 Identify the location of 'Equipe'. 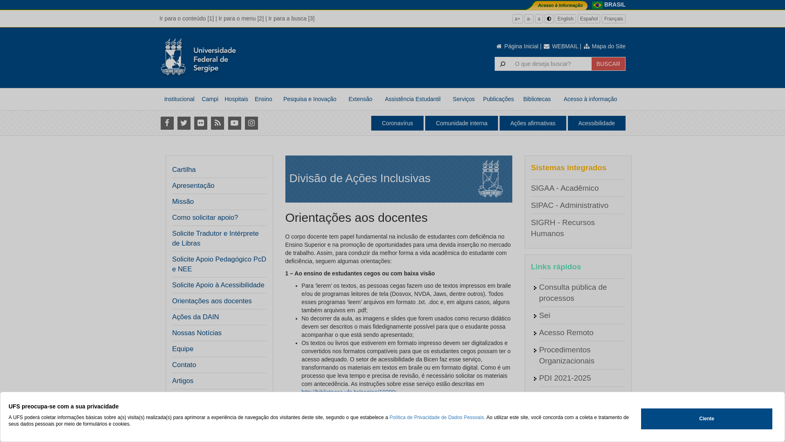
(172, 349).